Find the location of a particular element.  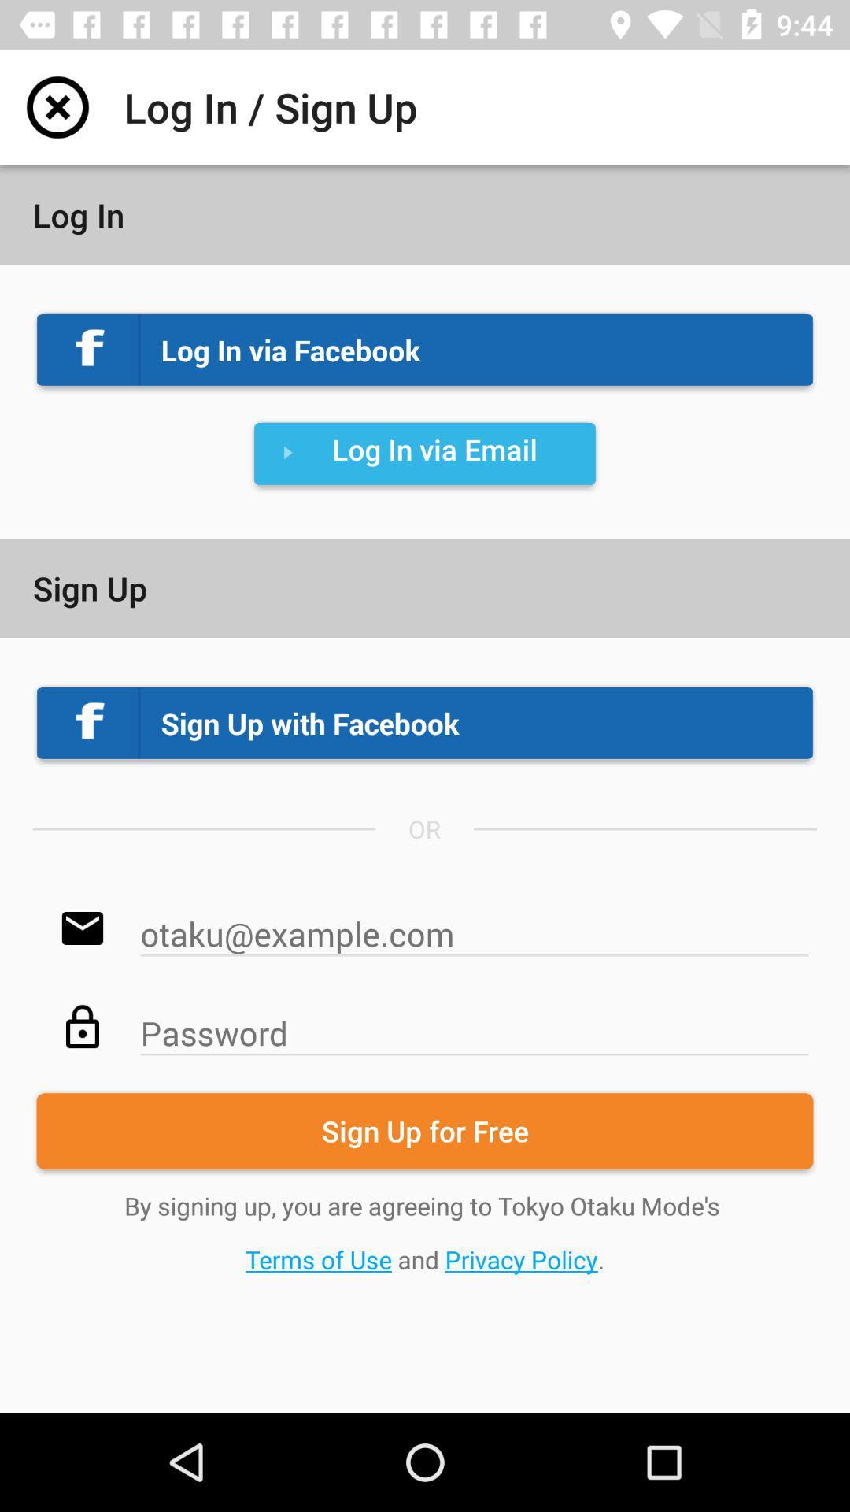

item below sign up for item is located at coordinates (425, 1232).